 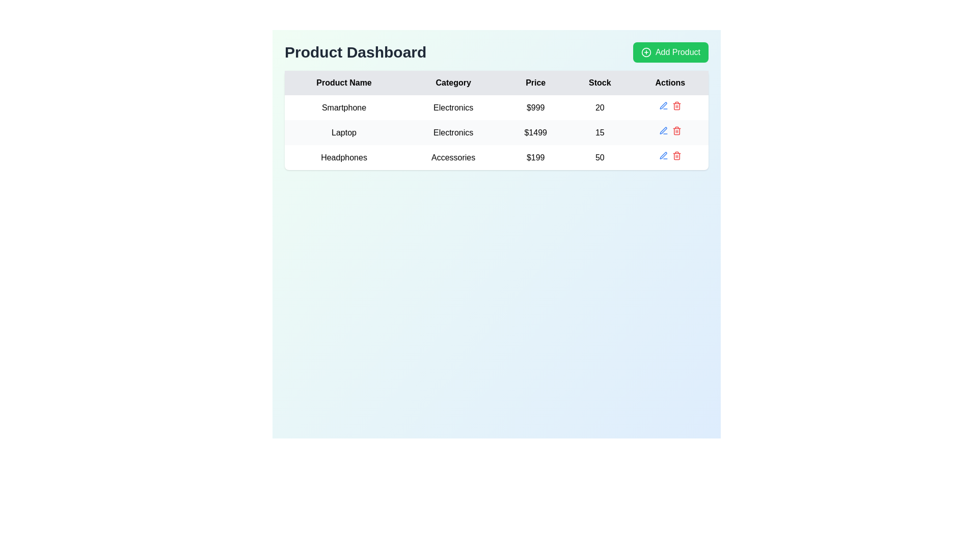 What do you see at coordinates (676, 155) in the screenshot?
I see `the delete icon located as the second icon in the 'Actions' column of the third row in the table to invoke the delete action` at bounding box center [676, 155].